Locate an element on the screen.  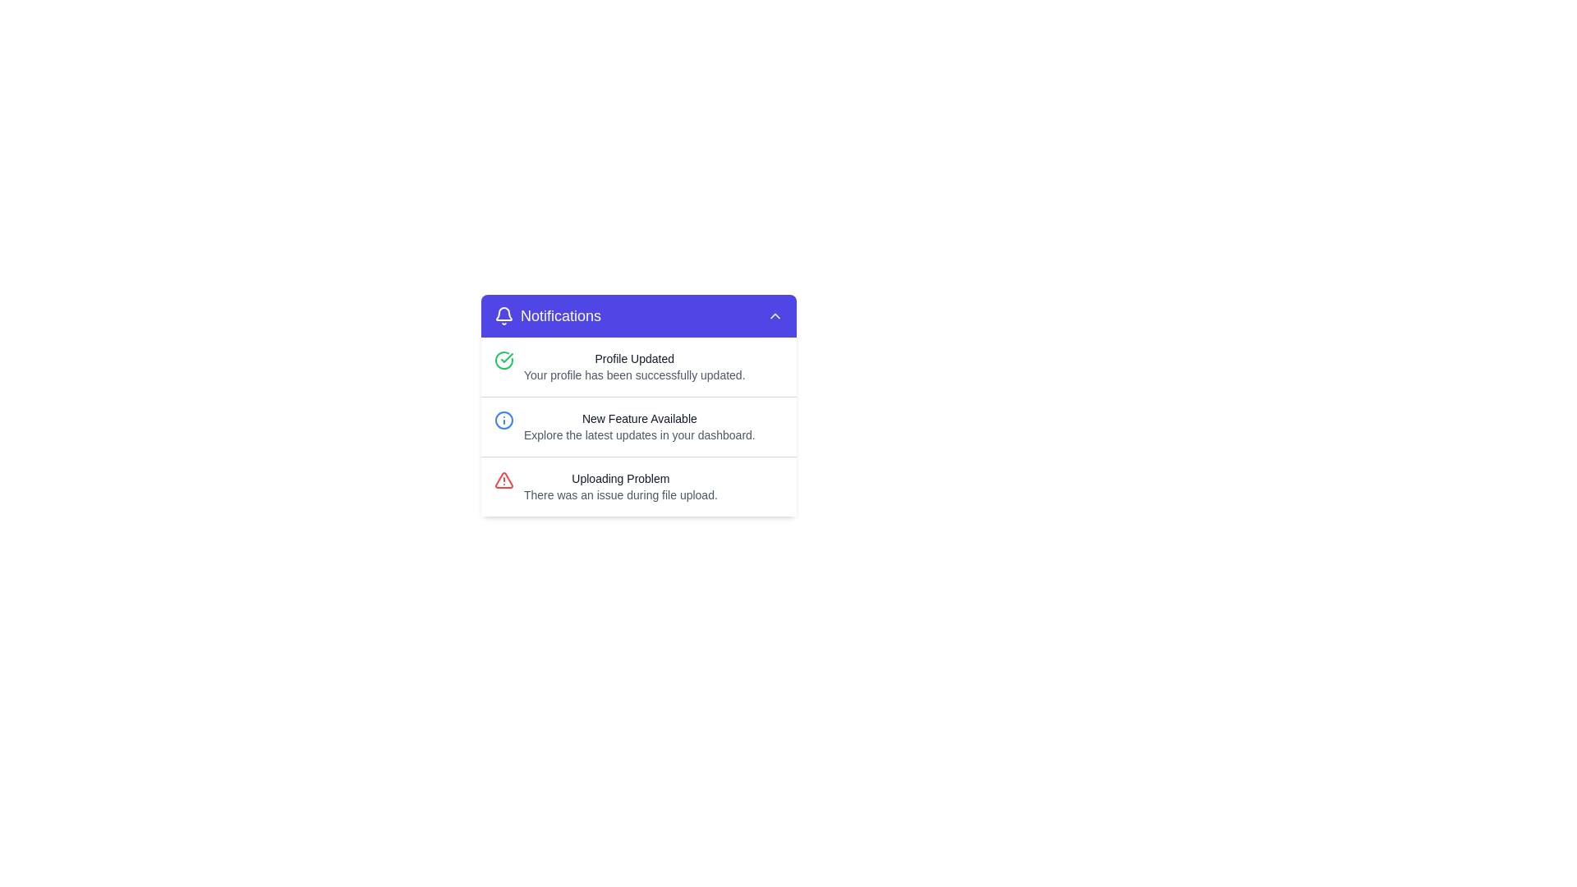
the 'Profile Updated' text within the Notifications card, which is bold and black against a light background is located at coordinates (633, 357).